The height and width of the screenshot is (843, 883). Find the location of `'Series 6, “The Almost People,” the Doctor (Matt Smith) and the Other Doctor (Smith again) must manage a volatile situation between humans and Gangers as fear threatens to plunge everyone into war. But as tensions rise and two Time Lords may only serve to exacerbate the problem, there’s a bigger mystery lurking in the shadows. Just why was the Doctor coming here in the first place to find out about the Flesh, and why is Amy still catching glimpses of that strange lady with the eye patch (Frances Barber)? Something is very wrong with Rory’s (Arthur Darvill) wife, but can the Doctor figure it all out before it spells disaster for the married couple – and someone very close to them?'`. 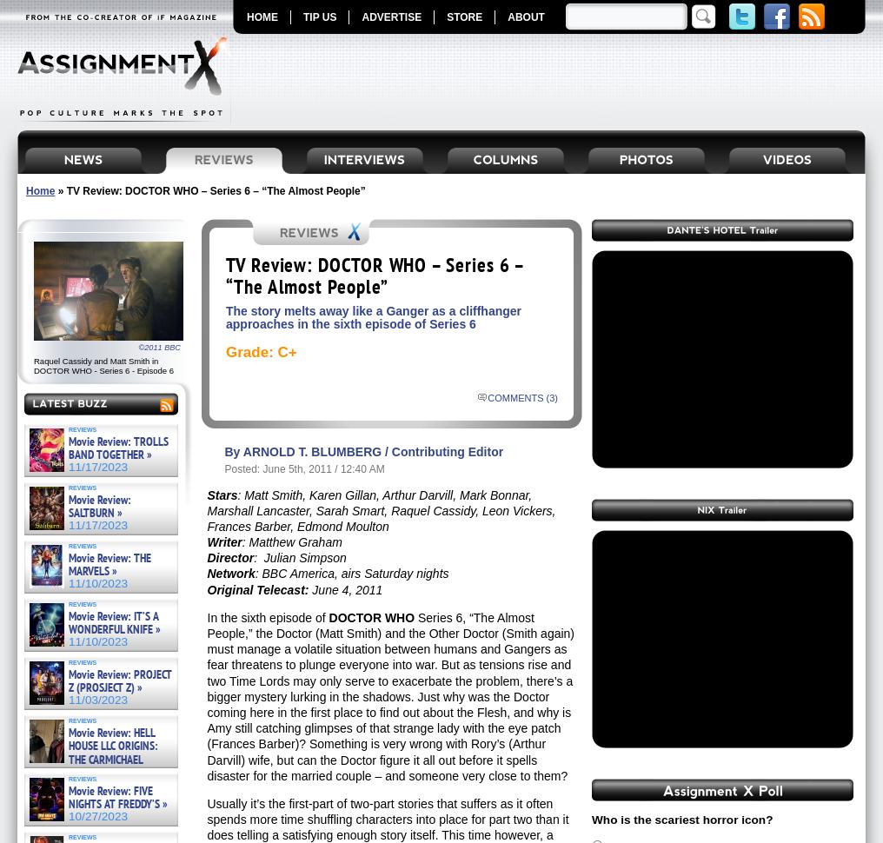

'Series 6, “The Almost People,” the Doctor (Matt Smith) and the Other Doctor (Smith again) must manage a volatile situation between humans and Gangers as fear threatens to plunge everyone into war. But as tensions rise and two Time Lords may only serve to exacerbate the problem, there’s a bigger mystery lurking in the shadows. Just why was the Doctor coming here in the first place to find out about the Flesh, and why is Amy still catching glimpses of that strange lady with the eye patch (Frances Barber)? Something is very wrong with Rory’s (Arthur Darvill) wife, but can the Doctor figure it all out before it spells disaster for the married couple – and someone very close to them?' is located at coordinates (390, 696).